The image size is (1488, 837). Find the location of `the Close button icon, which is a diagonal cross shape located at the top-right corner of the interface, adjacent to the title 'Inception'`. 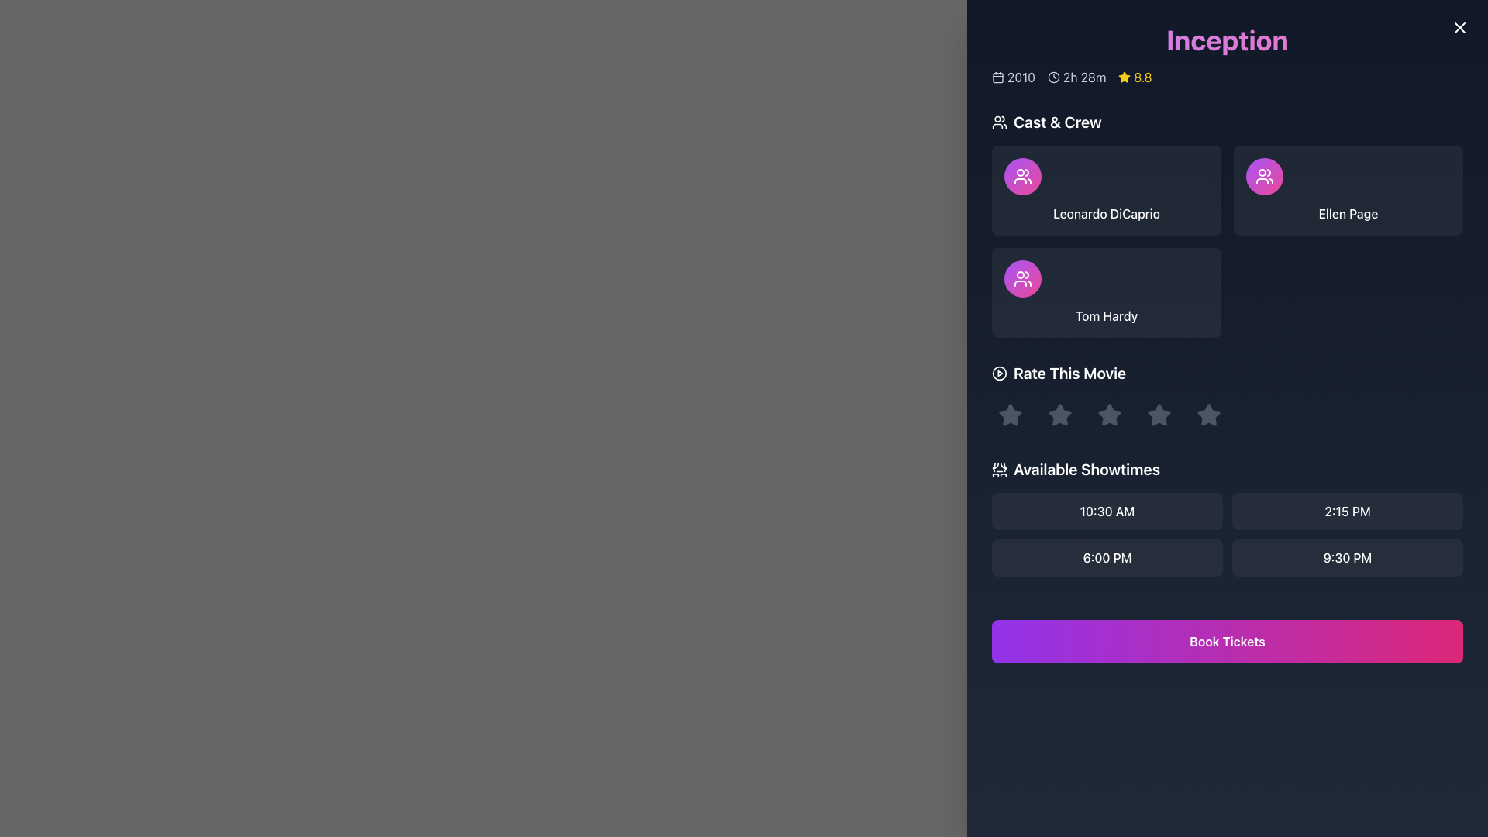

the Close button icon, which is a diagonal cross shape located at the top-right corner of the interface, adjacent to the title 'Inception' is located at coordinates (1459, 27).